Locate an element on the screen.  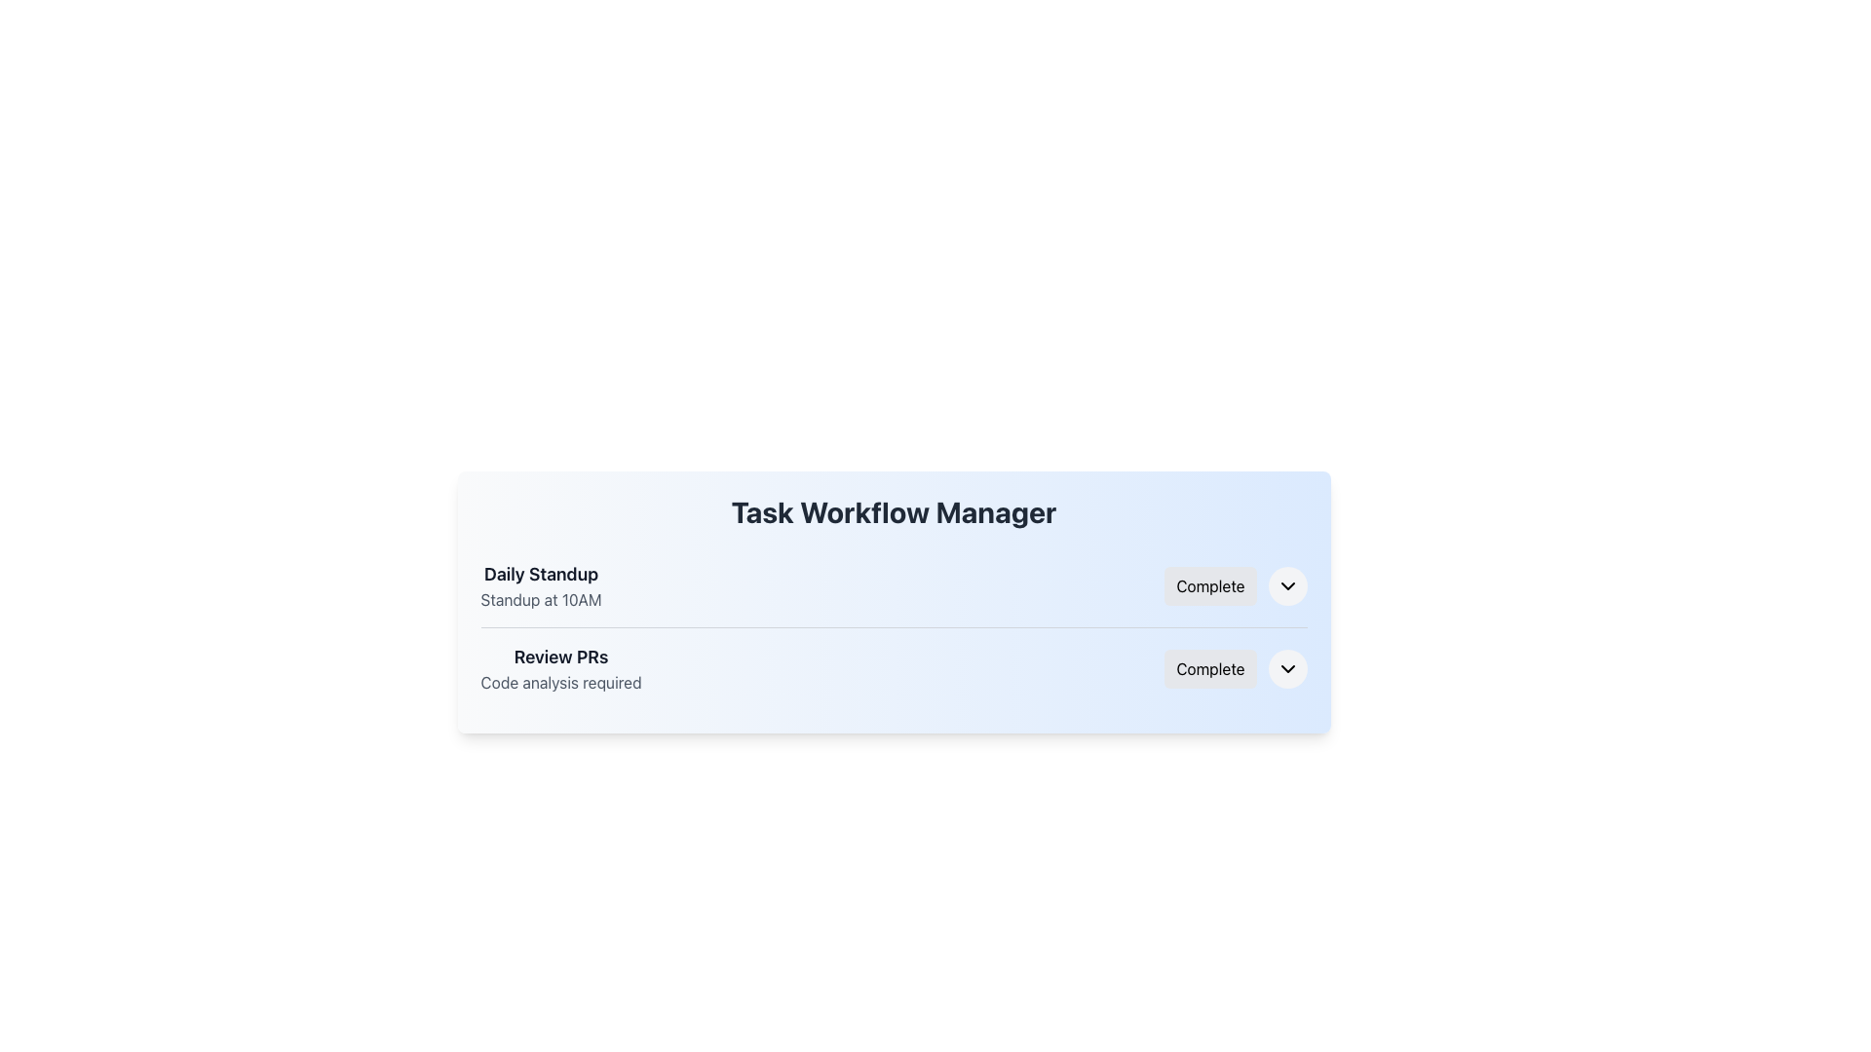
the button located to the right of the 'Complete' button in the task manager interface is located at coordinates (1287, 584).